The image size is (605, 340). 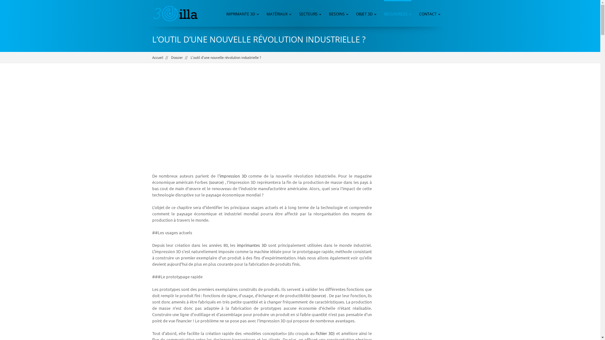 I want to click on 'IMPRIMANTE 3D', so click(x=242, y=13).